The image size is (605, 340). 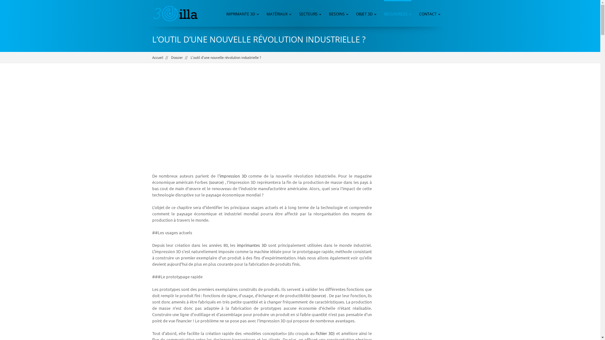 I want to click on 'IMPRIMANTE 3D', so click(x=242, y=13).